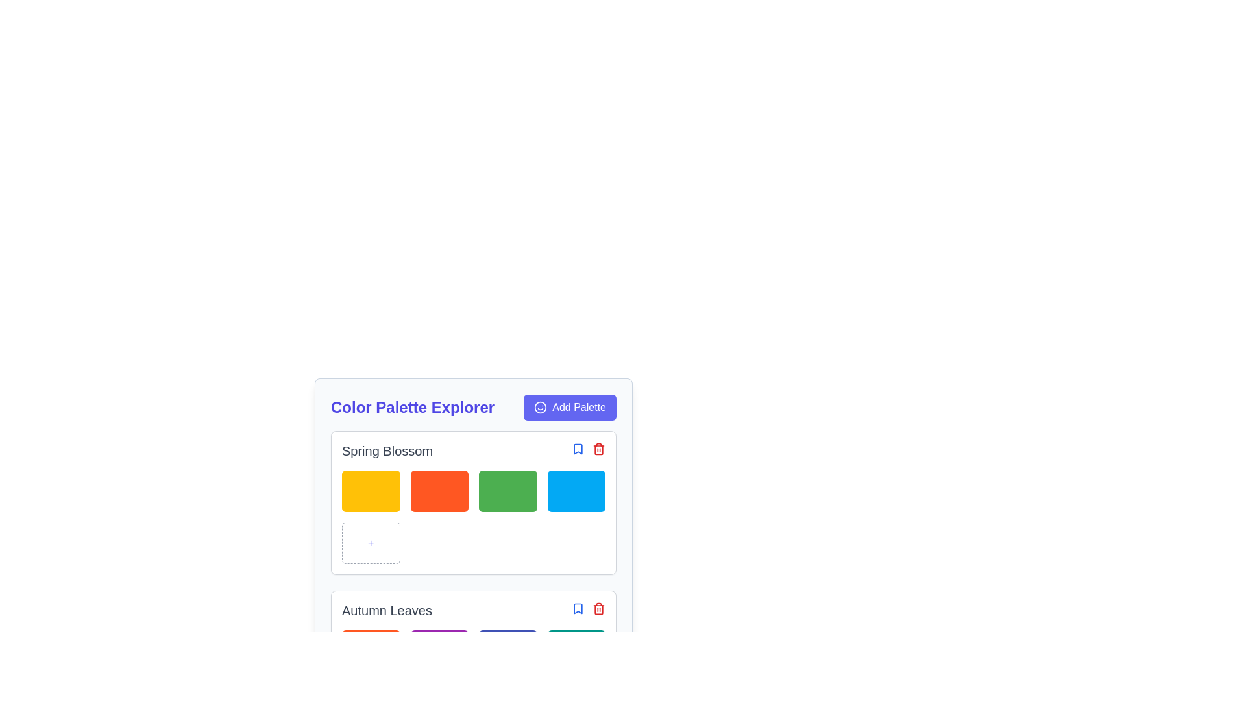  I want to click on the vivid green color block with rounded corners, the third item in the horizontal list of color samples under the 'Color Palette Explorer' title, so click(472, 502).